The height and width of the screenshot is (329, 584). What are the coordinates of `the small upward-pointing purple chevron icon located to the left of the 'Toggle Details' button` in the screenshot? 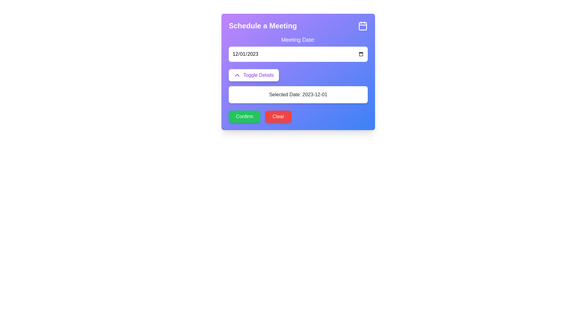 It's located at (237, 75).